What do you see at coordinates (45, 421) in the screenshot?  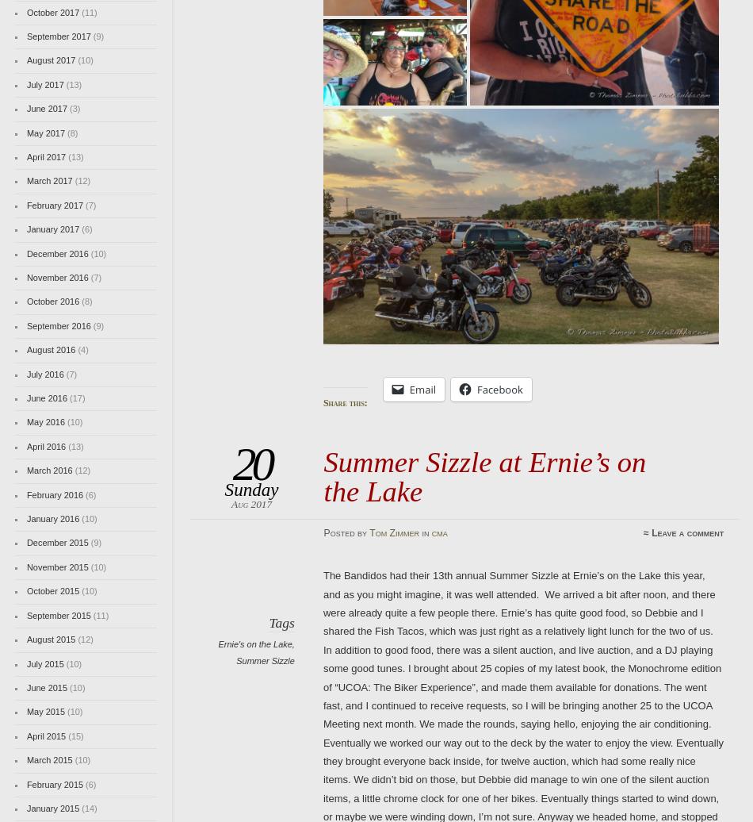 I see `'May 2016'` at bounding box center [45, 421].